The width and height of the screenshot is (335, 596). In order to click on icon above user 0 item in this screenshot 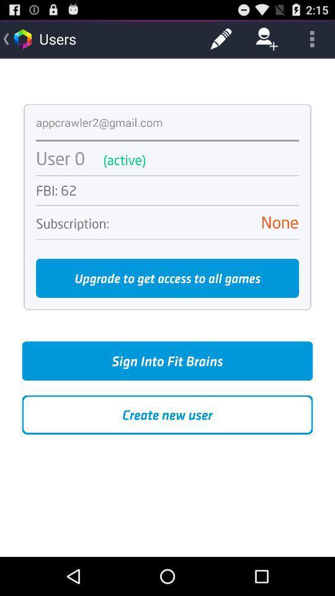, I will do `click(167, 140)`.